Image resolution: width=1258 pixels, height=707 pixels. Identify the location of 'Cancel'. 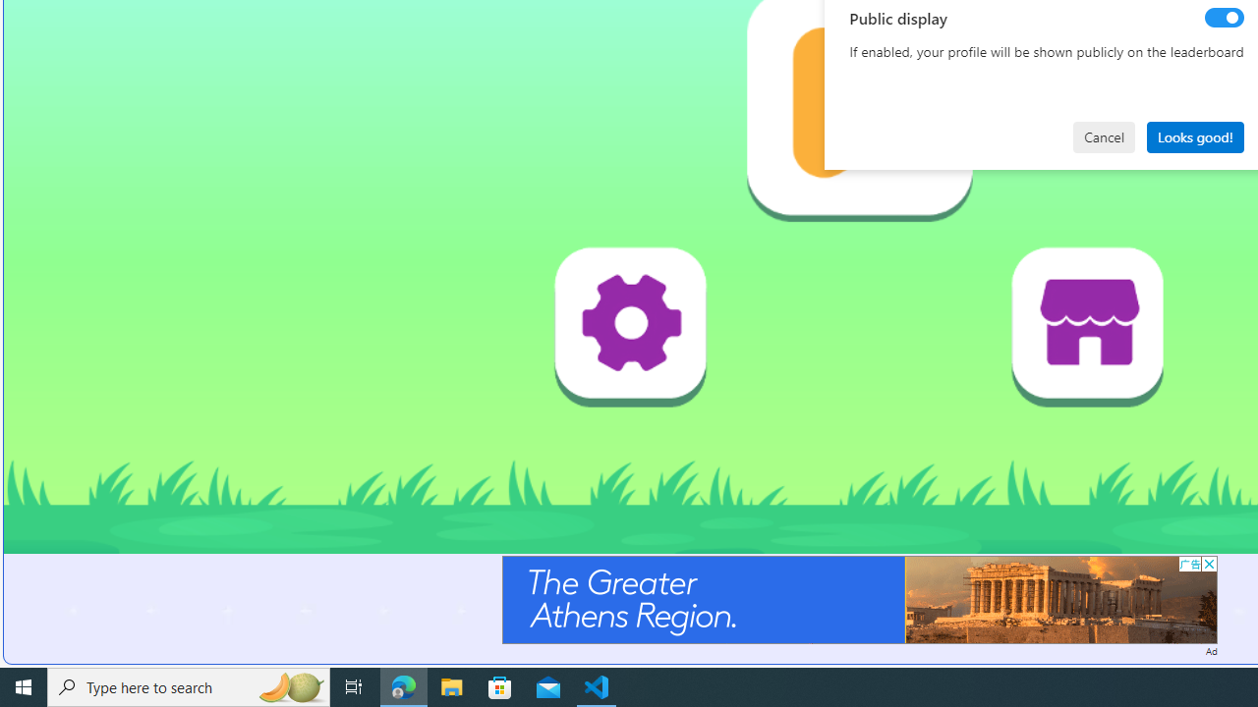
(1104, 136).